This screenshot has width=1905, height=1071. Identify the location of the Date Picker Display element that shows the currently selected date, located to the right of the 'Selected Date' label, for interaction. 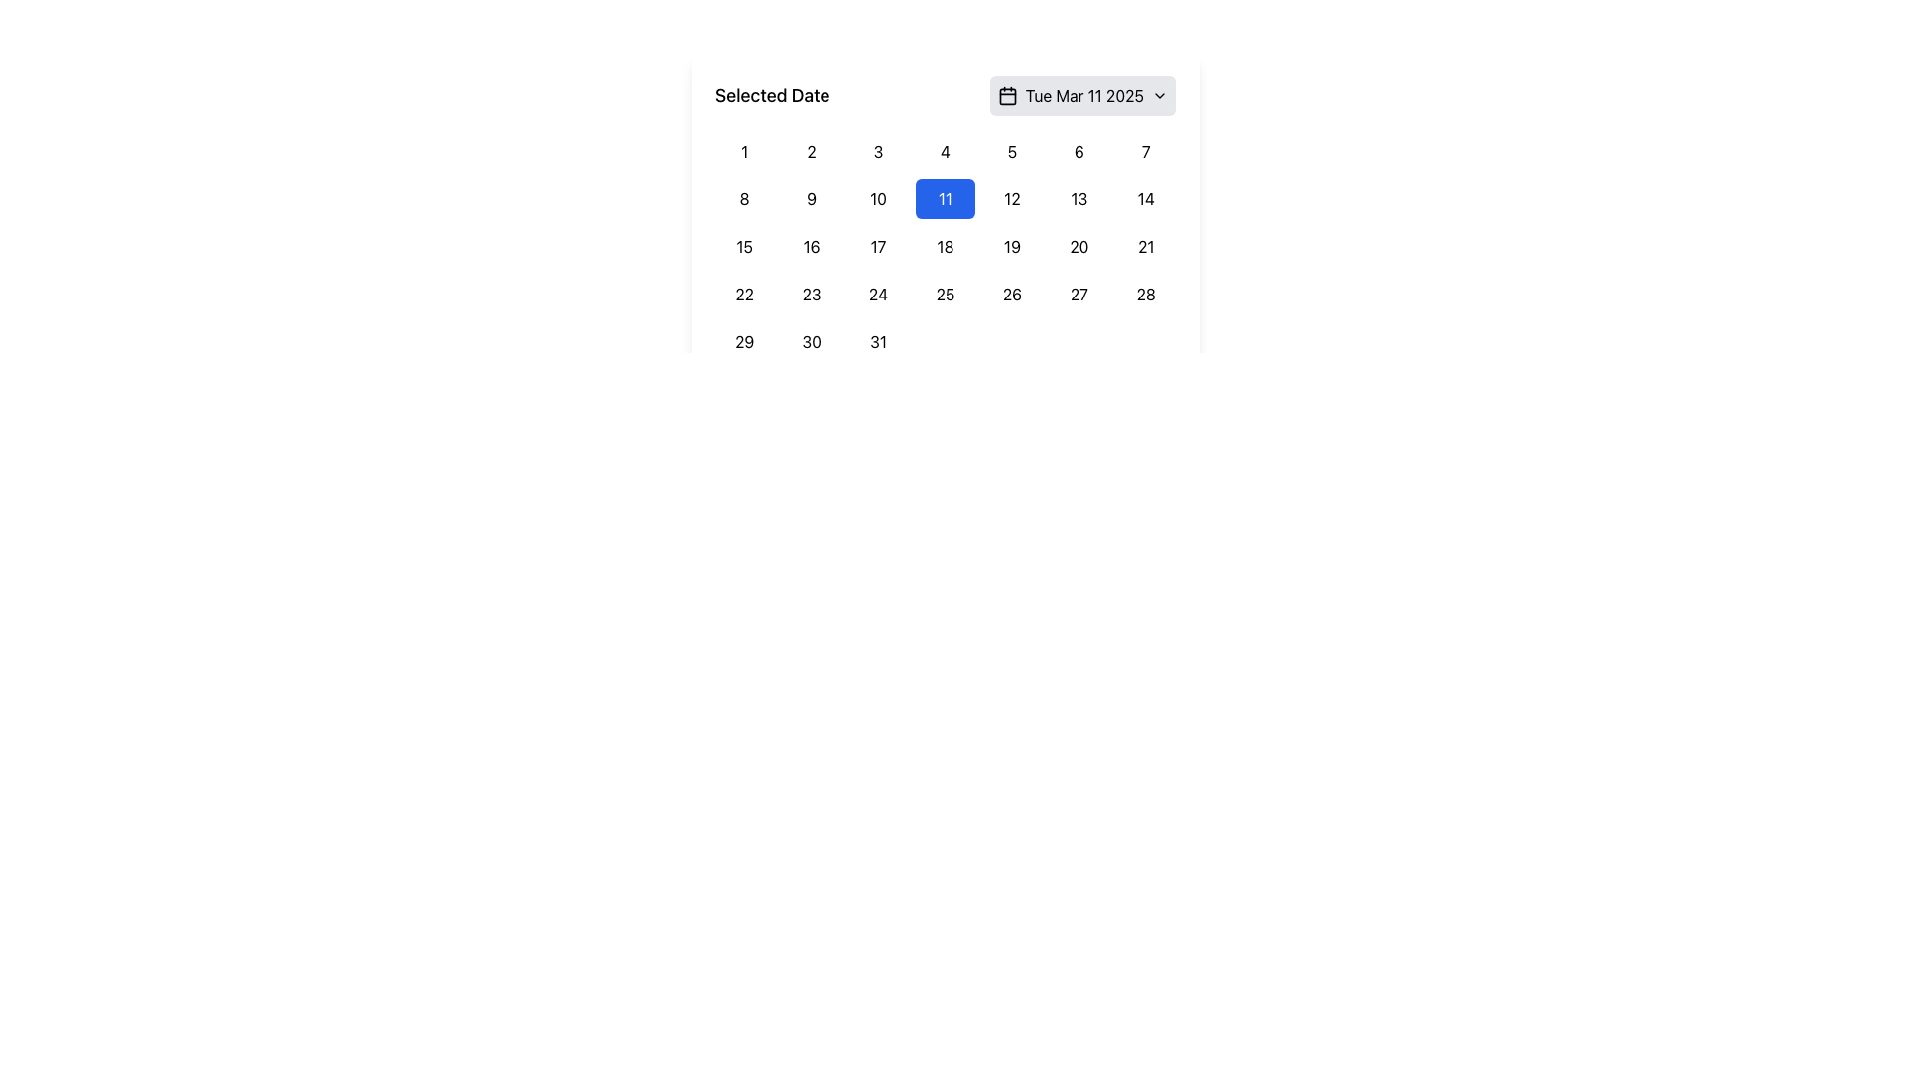
(1081, 95).